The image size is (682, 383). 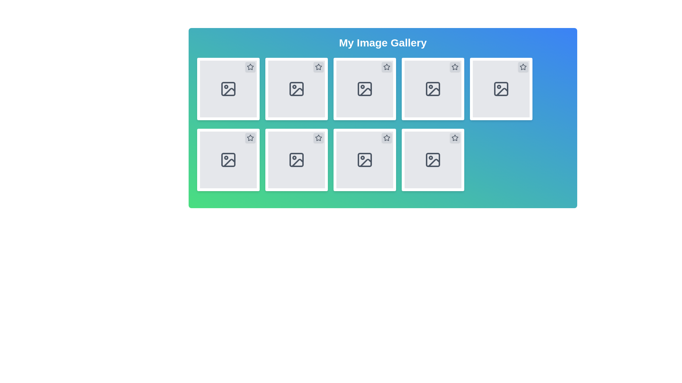 I want to click on the stylized icon resembling an image with a triangular overlay, which is located in the middle of a grid layout on the second row and third column, so click(x=366, y=163).